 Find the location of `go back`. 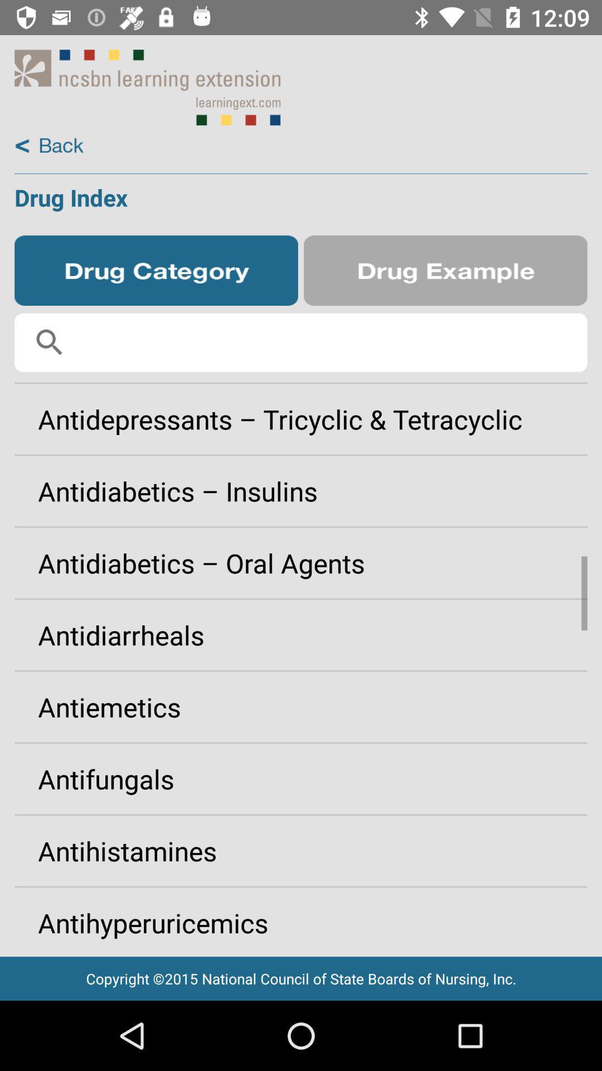

go back is located at coordinates (48, 146).